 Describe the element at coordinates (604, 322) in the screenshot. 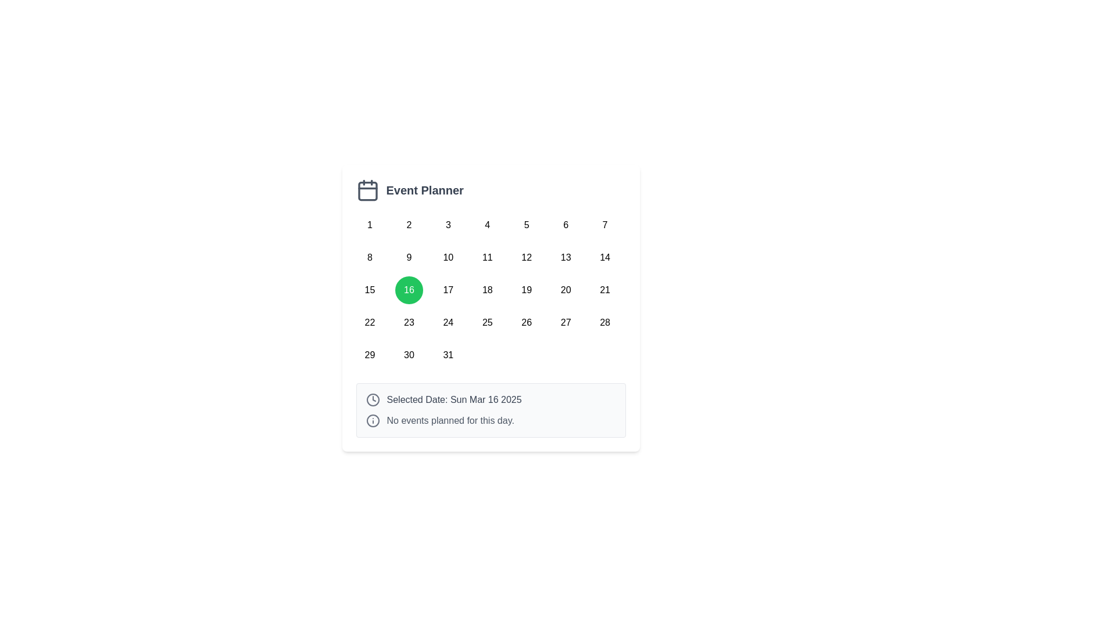

I see `the circular button displaying the number '28' located` at that location.